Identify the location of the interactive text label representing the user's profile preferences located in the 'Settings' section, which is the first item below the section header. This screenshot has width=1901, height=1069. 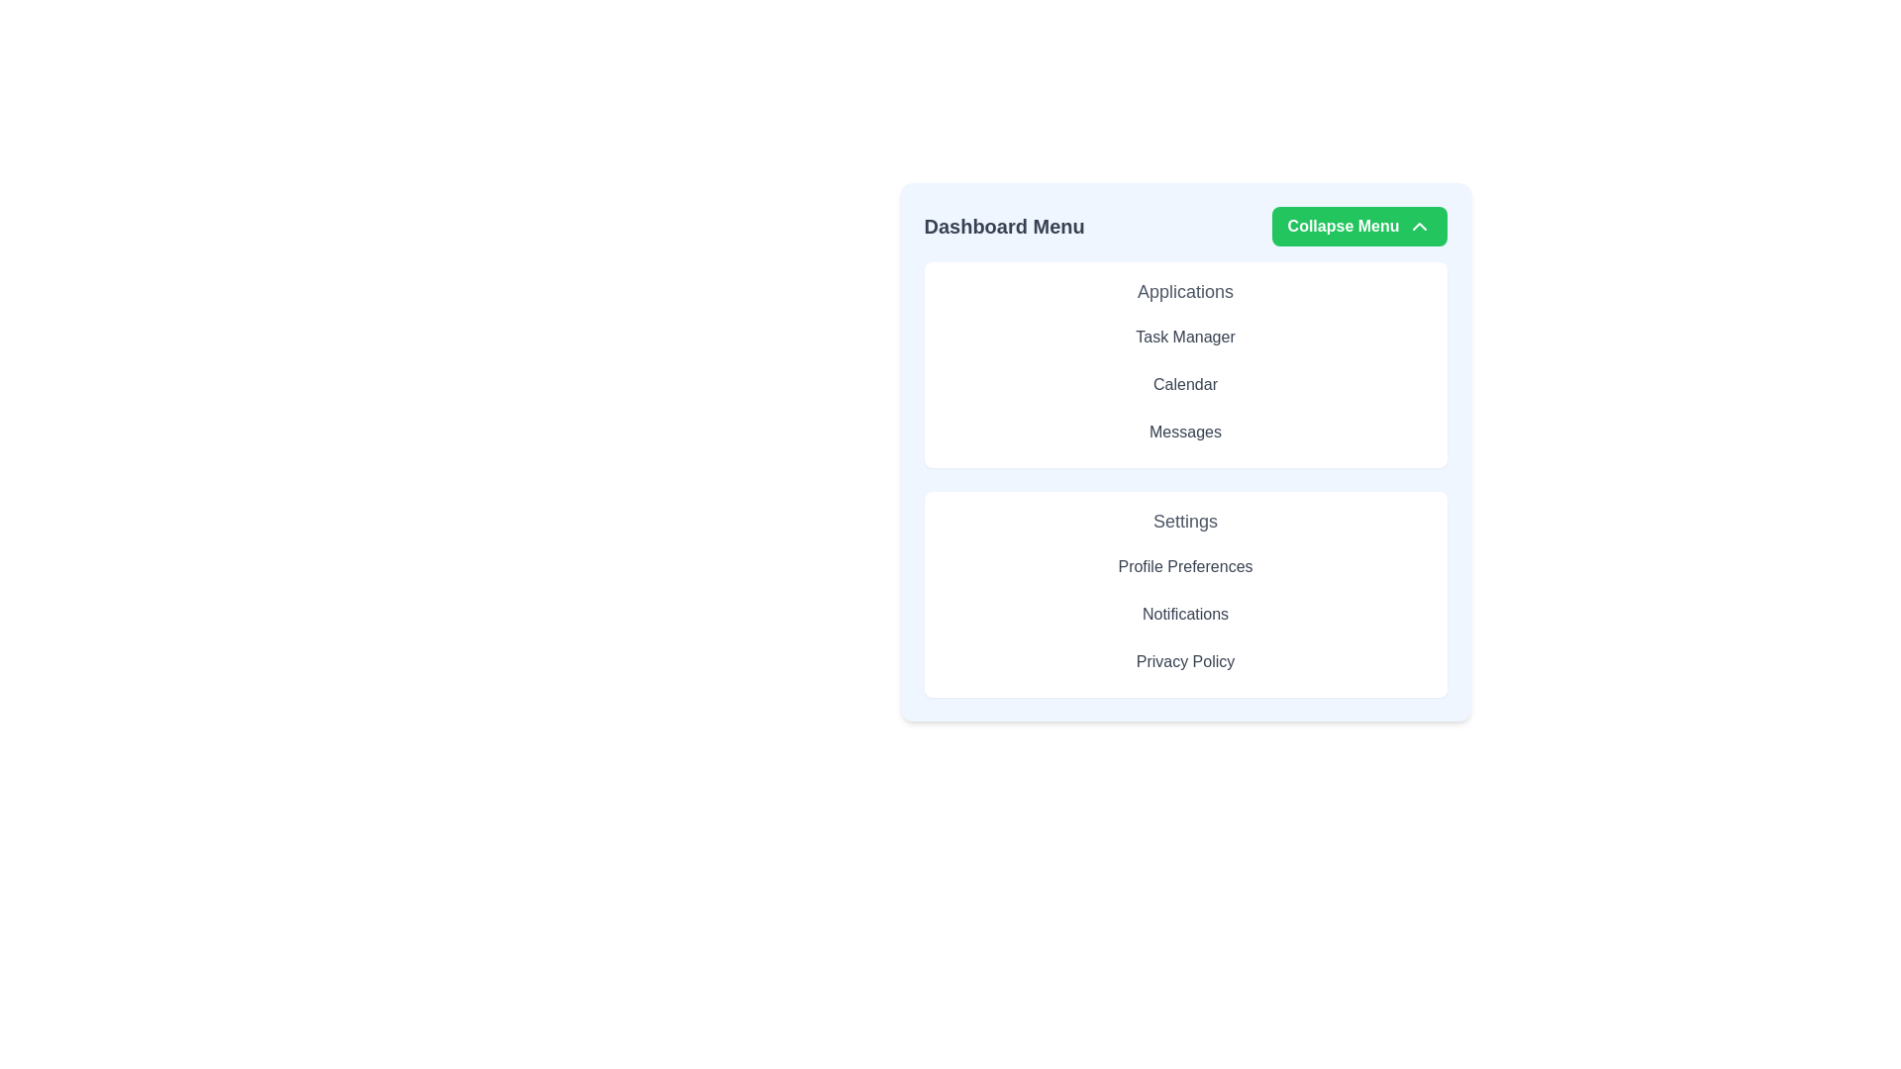
(1185, 567).